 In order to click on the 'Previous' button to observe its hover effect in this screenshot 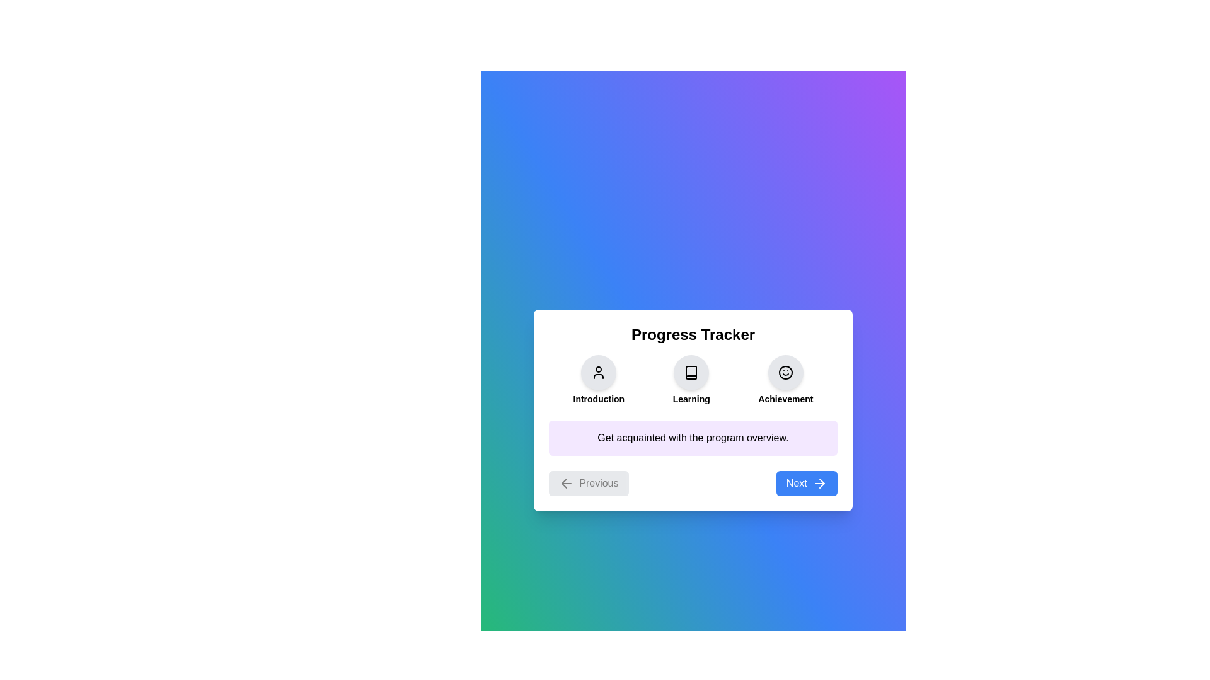, I will do `click(588, 482)`.